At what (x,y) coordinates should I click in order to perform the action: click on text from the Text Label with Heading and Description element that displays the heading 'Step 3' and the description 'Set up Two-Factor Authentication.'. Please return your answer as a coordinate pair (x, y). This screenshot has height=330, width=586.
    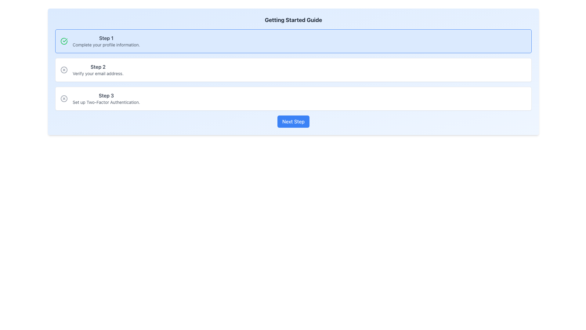
    Looking at the image, I should click on (106, 98).